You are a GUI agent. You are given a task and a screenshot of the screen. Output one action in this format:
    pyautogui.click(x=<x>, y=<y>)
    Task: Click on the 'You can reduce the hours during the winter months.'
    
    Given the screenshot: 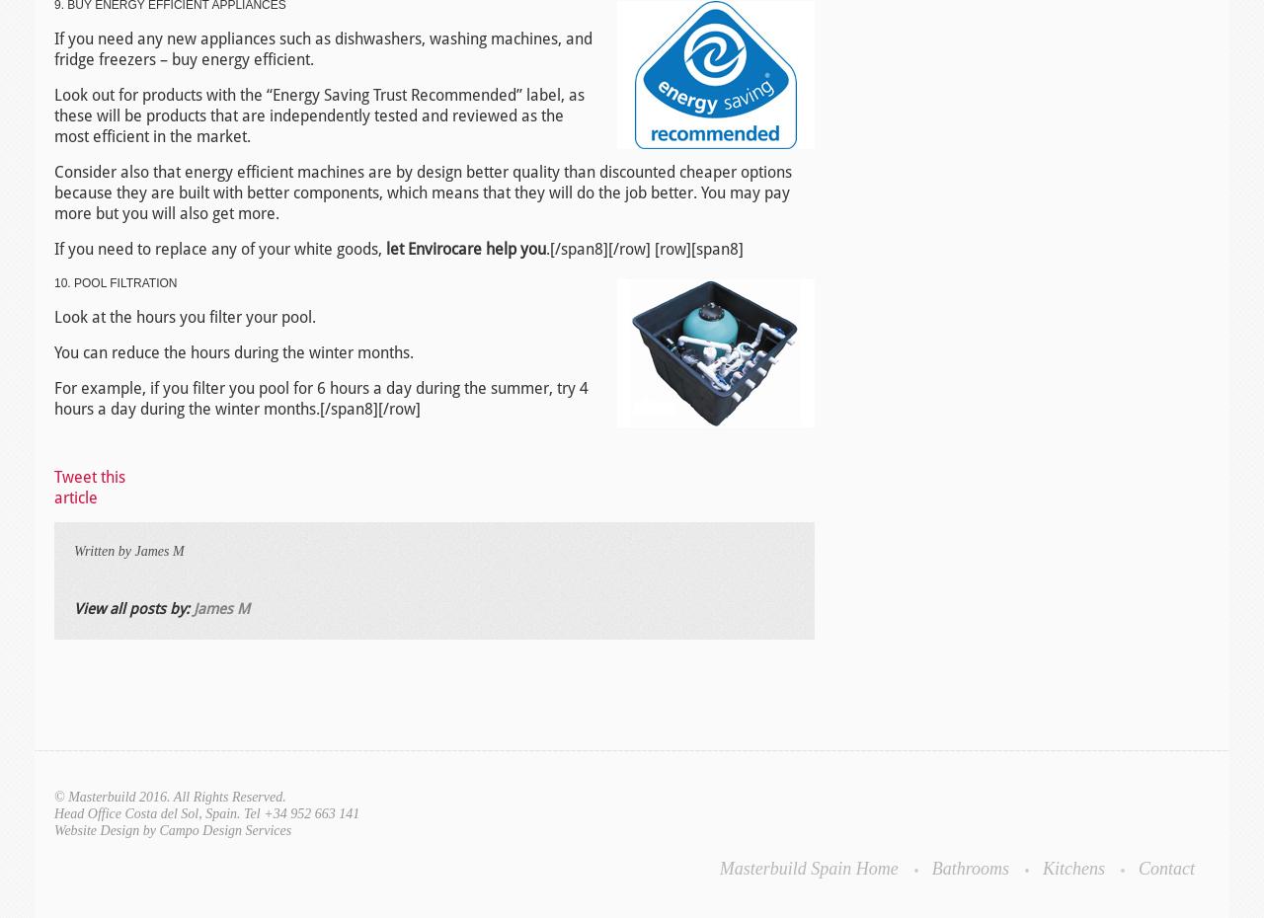 What is the action you would take?
    pyautogui.click(x=234, y=350)
    